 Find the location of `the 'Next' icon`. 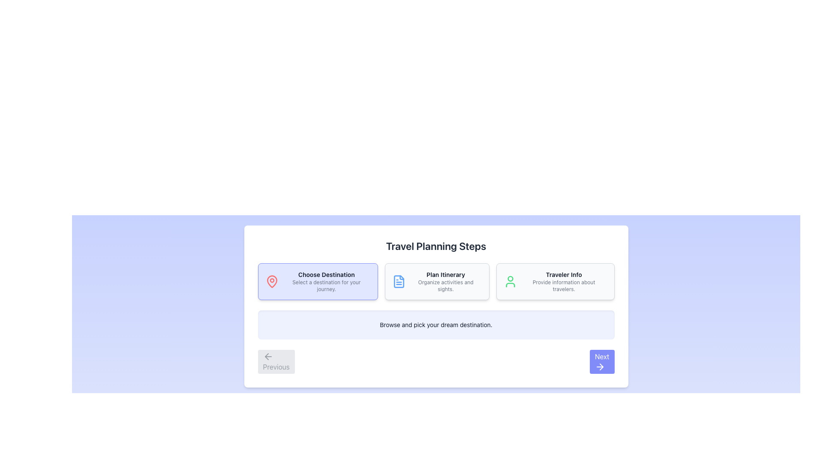

the 'Next' icon is located at coordinates (601, 367).